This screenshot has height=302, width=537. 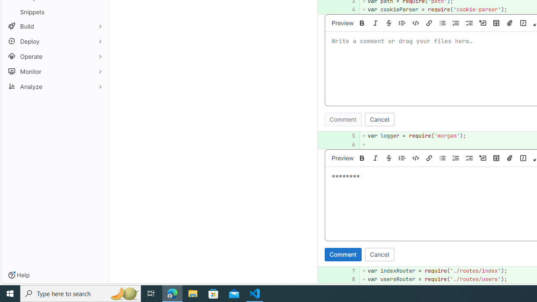 I want to click on '4', so click(x=349, y=10).